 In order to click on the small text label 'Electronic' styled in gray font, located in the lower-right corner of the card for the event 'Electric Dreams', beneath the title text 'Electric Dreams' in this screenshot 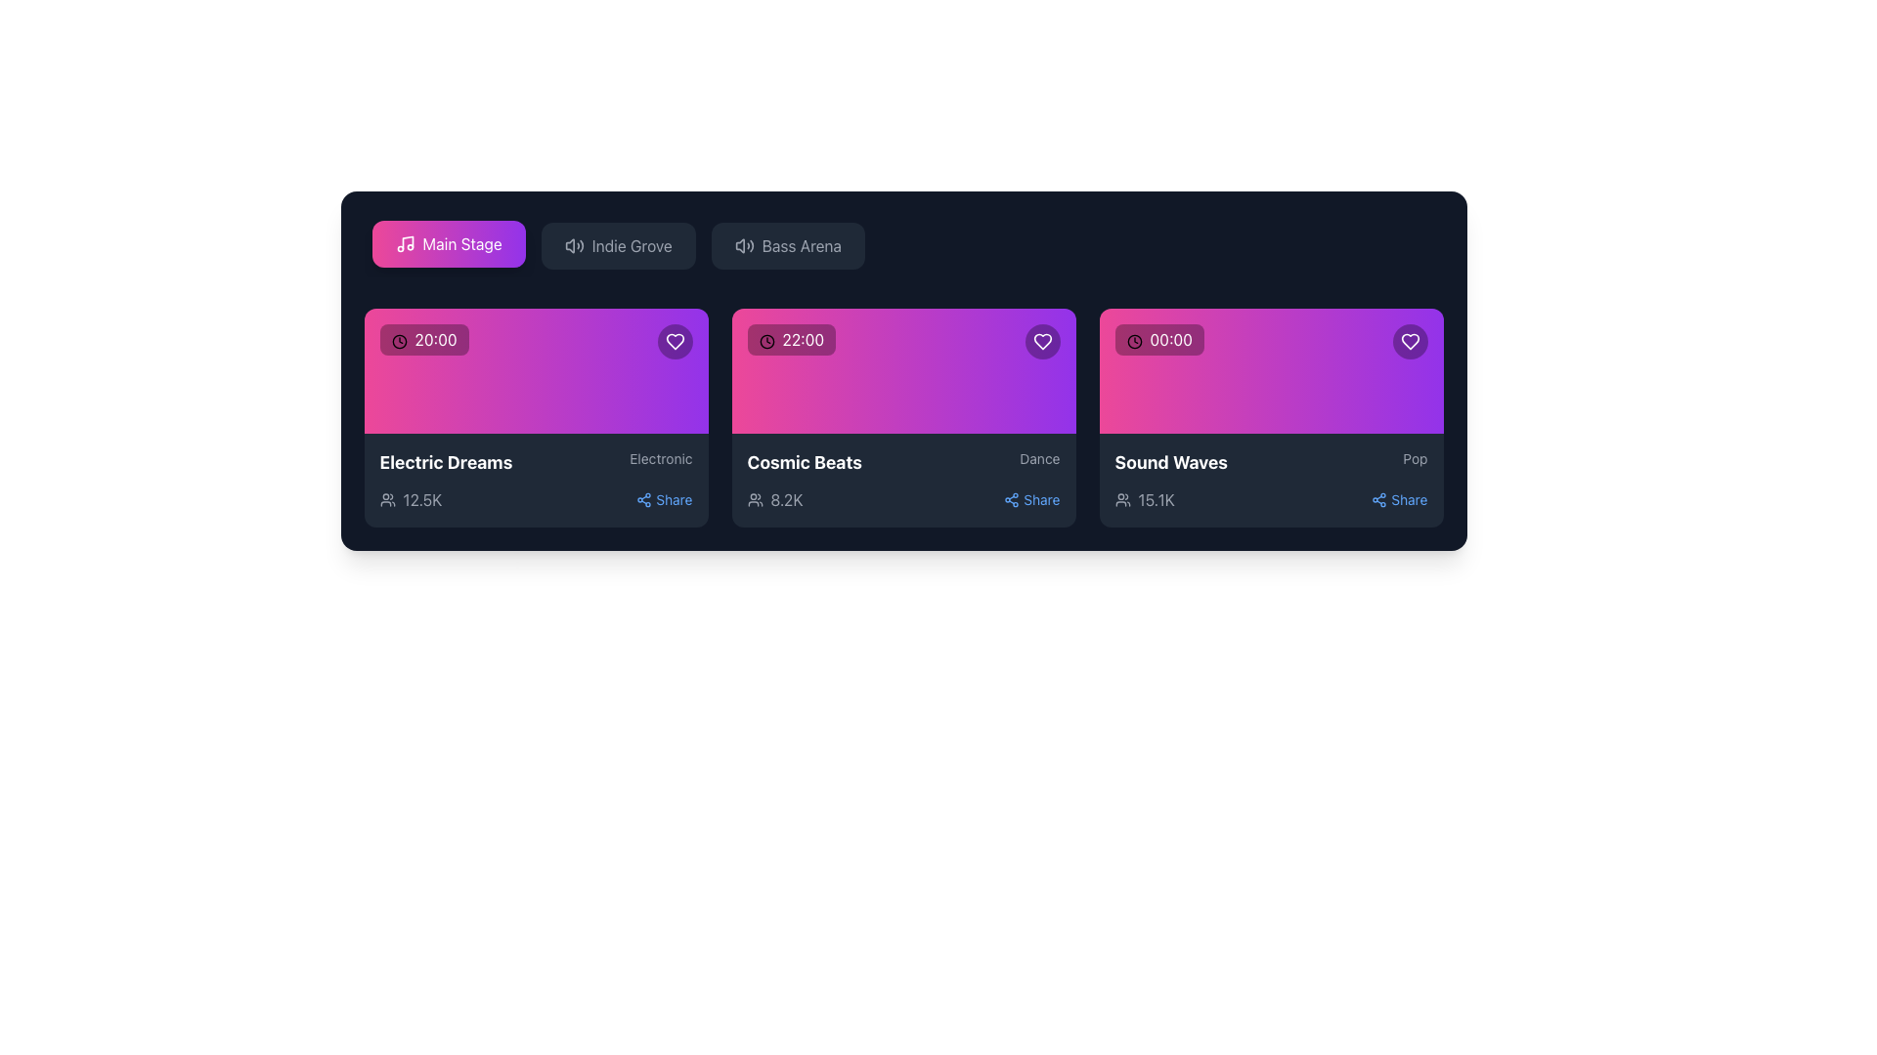, I will do `click(661, 459)`.